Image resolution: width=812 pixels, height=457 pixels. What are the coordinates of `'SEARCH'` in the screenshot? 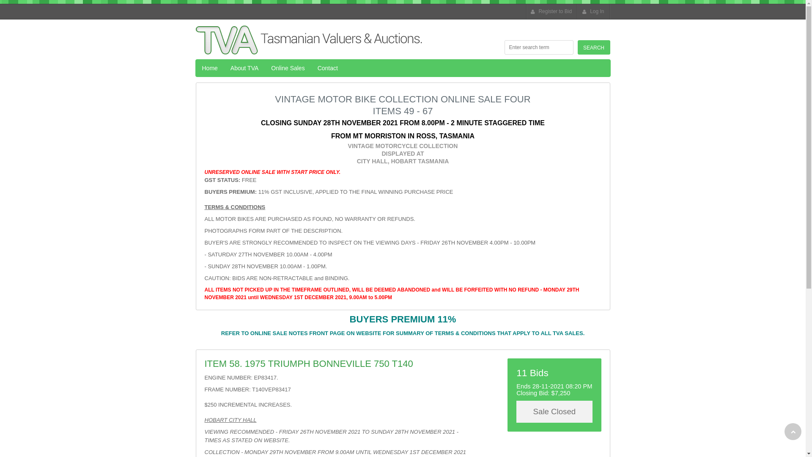 It's located at (593, 47).